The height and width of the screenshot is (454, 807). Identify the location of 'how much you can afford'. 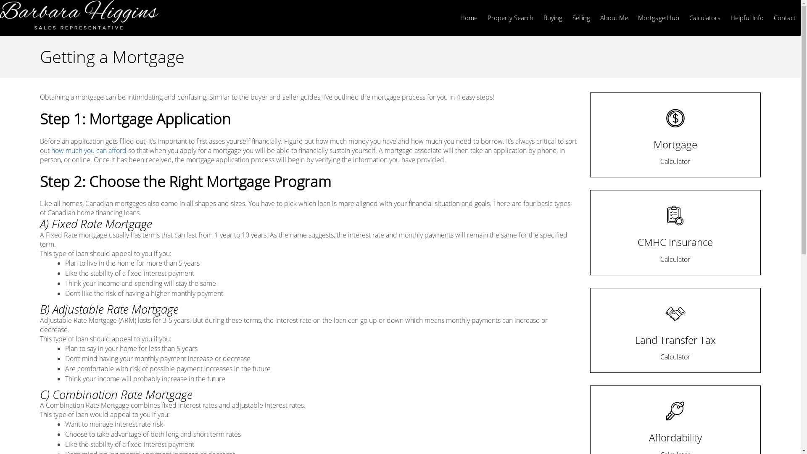
(89, 150).